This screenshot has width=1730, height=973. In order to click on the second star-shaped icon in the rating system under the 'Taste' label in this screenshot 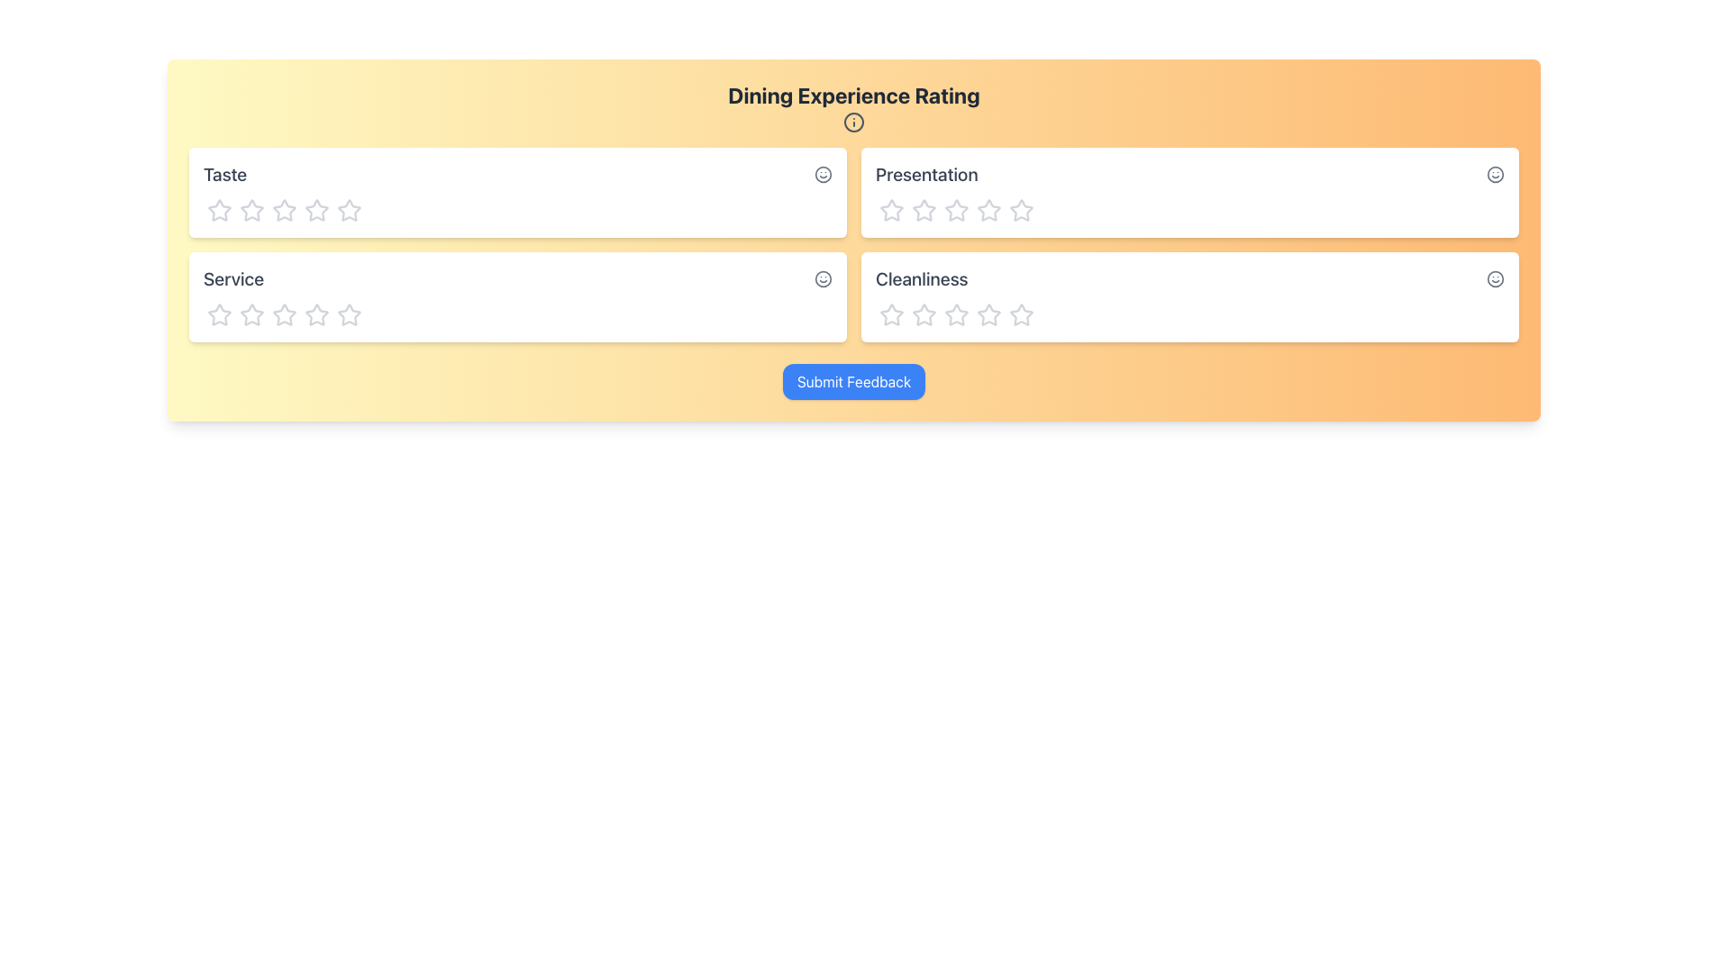, I will do `click(250, 209)`.